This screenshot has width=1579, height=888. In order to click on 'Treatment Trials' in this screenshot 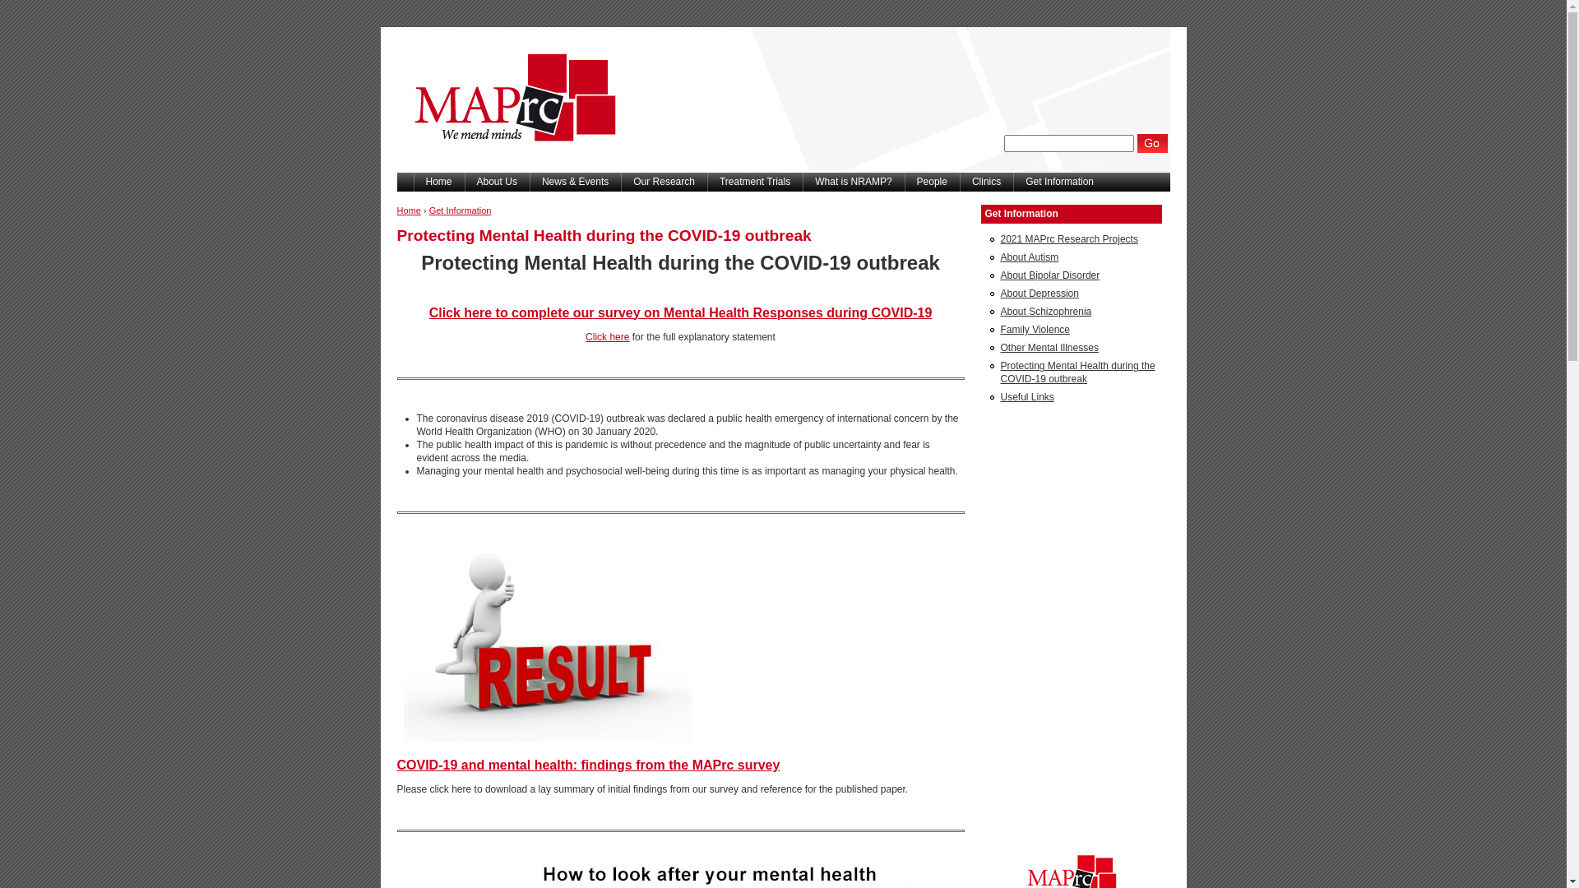, I will do `click(753, 182)`.